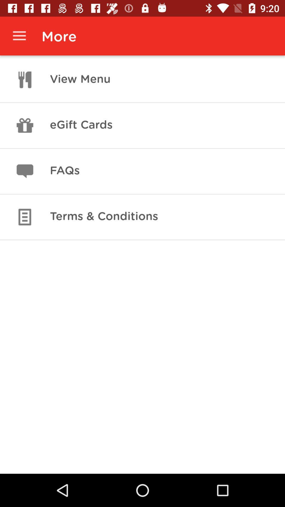 This screenshot has width=285, height=507. I want to click on icon to the left of more item, so click(19, 36).